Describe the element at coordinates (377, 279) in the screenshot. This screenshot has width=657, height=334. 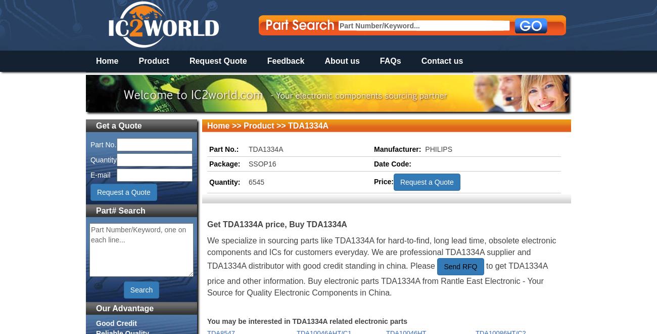
I see `'to
        get TDA1334A price and other information. Buy electronic parts TDA1334A from Rantle East Electronic - Your Source for Quality Electronic Components in China.'` at that location.